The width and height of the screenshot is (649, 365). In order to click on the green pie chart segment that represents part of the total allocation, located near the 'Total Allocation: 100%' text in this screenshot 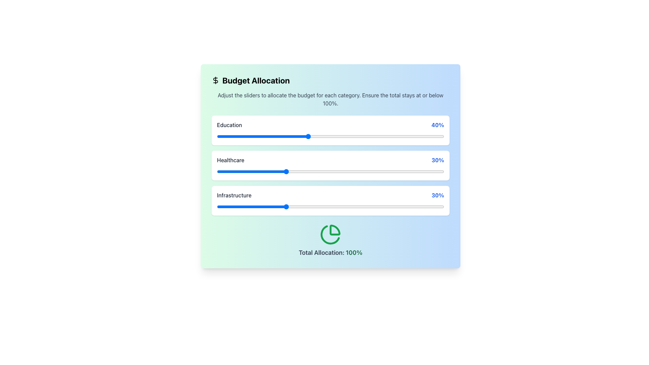, I will do `click(330, 235)`.